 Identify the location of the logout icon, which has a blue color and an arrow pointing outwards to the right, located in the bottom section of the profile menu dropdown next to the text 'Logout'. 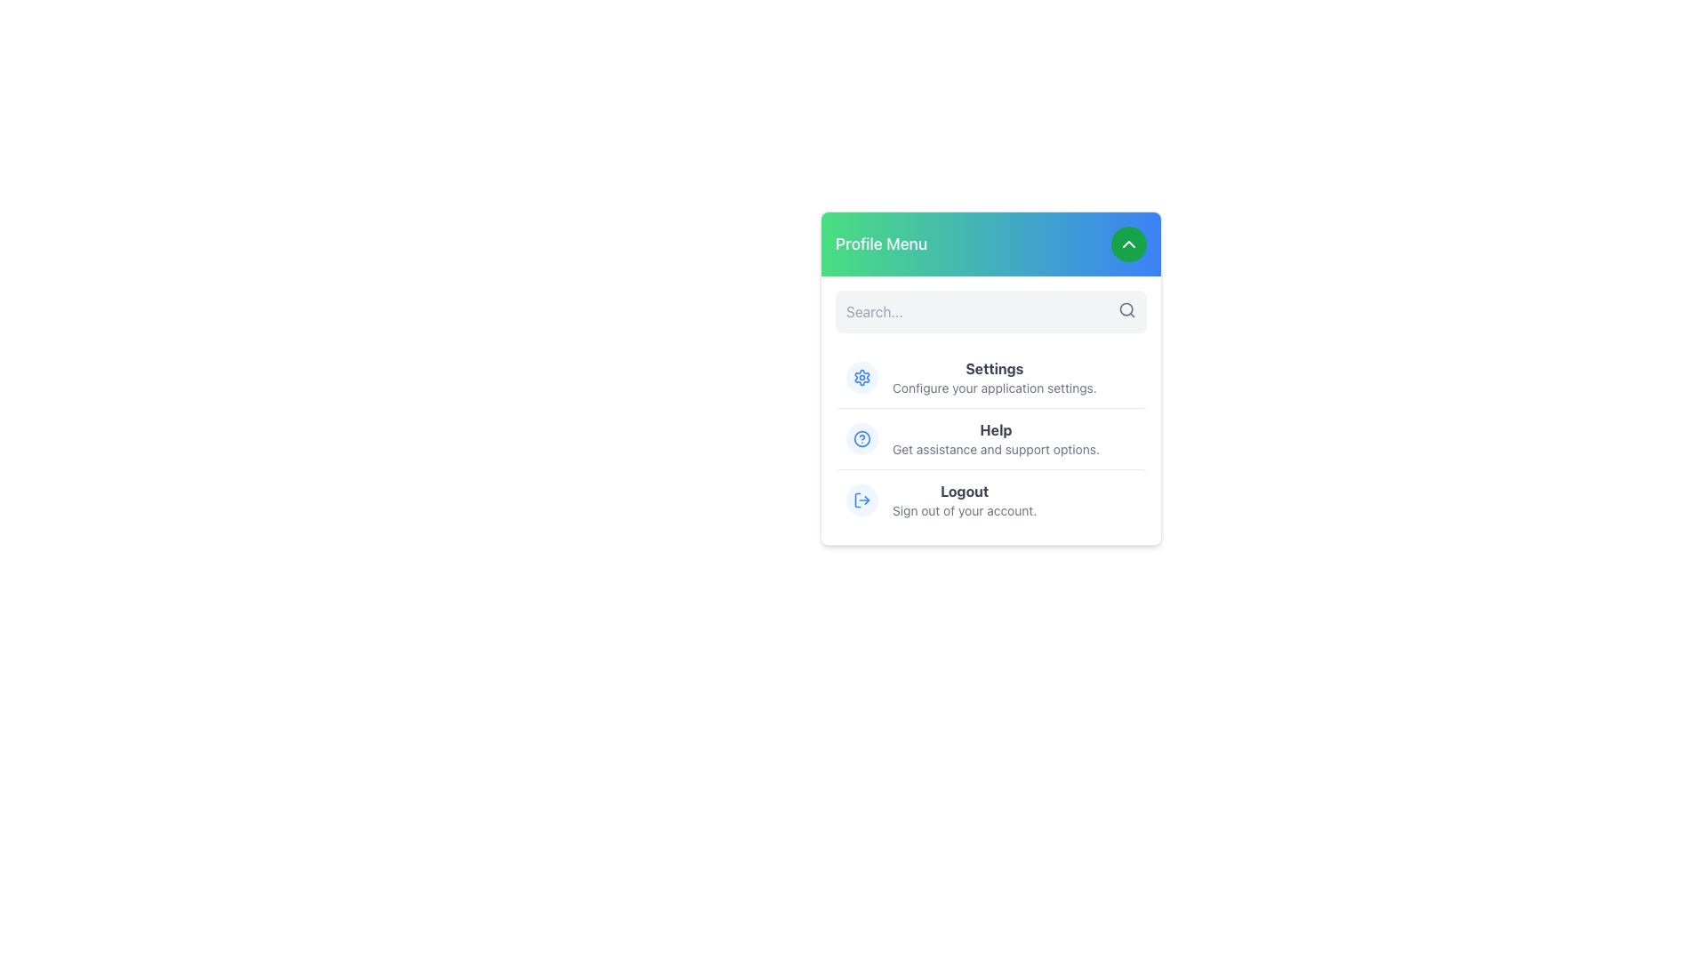
(862, 500).